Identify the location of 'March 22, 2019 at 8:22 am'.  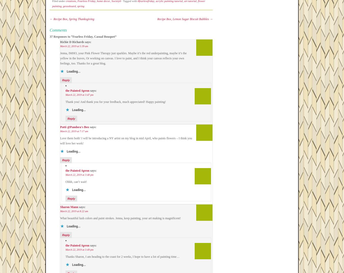
(74, 211).